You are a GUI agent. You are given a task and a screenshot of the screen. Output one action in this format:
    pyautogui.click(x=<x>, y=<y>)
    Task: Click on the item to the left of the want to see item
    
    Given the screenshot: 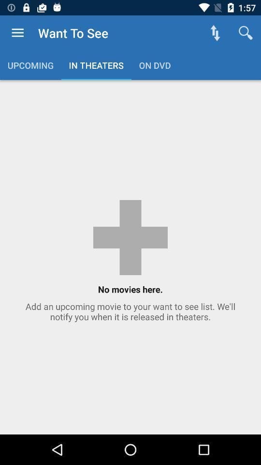 What is the action you would take?
    pyautogui.click(x=17, y=33)
    